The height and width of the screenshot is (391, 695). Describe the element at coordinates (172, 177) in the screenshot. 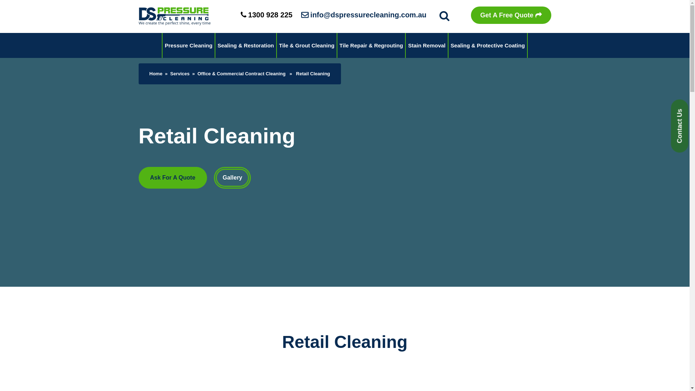

I see `'Ask For A Quote'` at that location.